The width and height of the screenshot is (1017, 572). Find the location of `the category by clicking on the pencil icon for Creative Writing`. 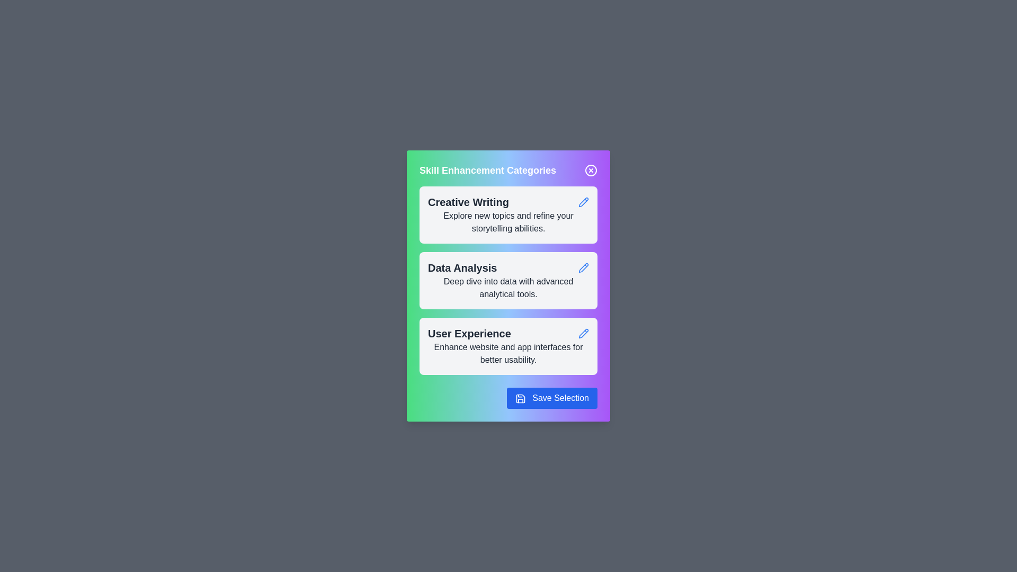

the category by clicking on the pencil icon for Creative Writing is located at coordinates (583, 202).